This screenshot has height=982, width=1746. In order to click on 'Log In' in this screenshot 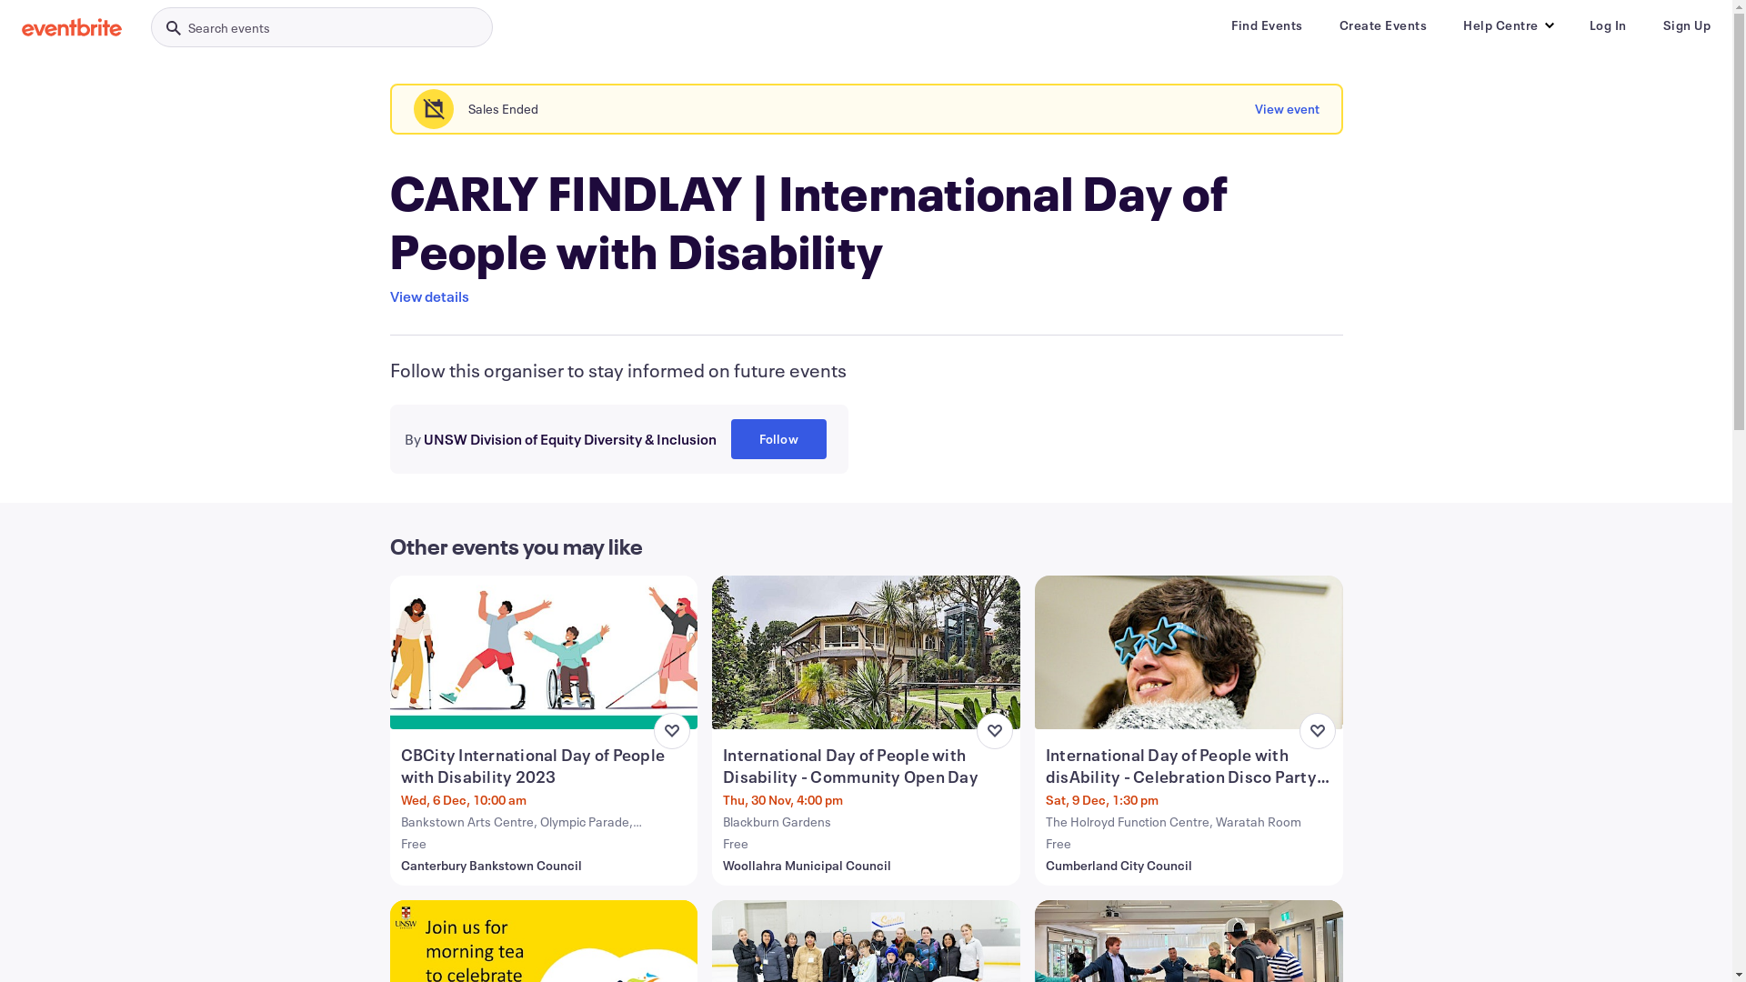, I will do `click(1608, 25)`.